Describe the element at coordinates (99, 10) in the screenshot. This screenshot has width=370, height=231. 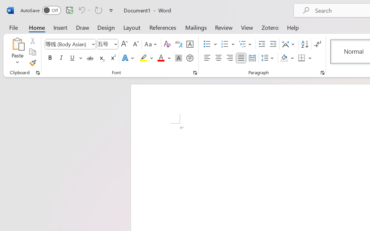
I see `'Can'` at that location.